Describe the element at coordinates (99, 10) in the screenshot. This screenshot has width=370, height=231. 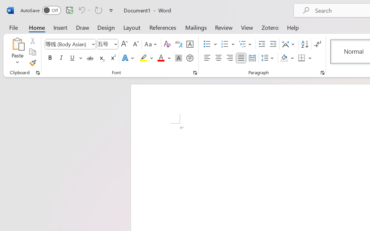
I see `'Can'` at that location.